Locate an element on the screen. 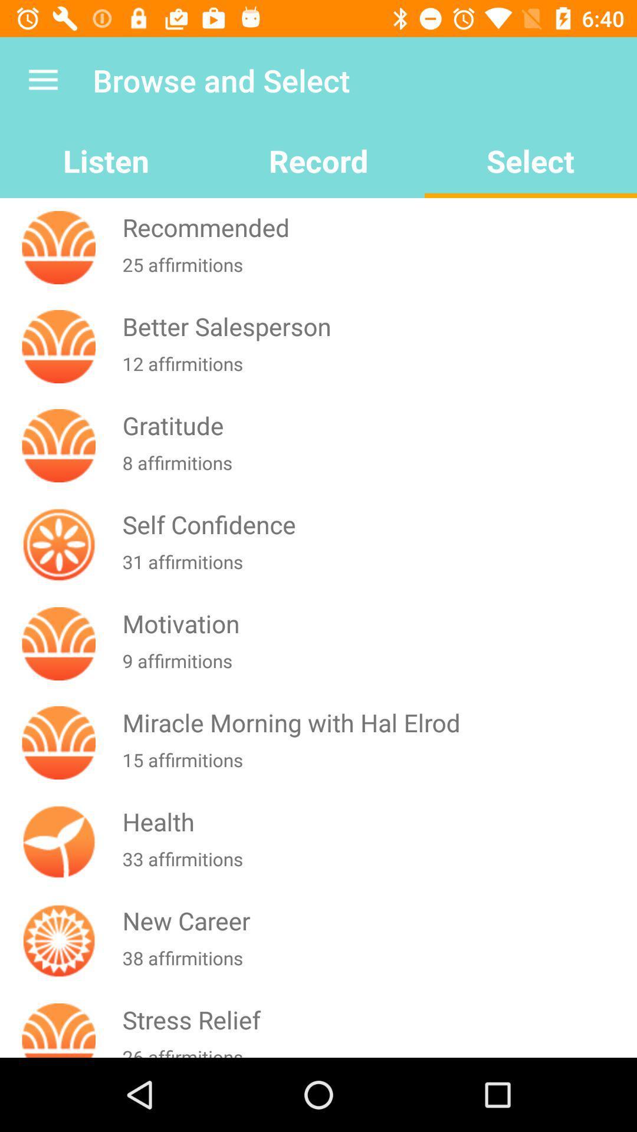 The height and width of the screenshot is (1132, 637). the item below 33 affirmitions item is located at coordinates (377, 920).